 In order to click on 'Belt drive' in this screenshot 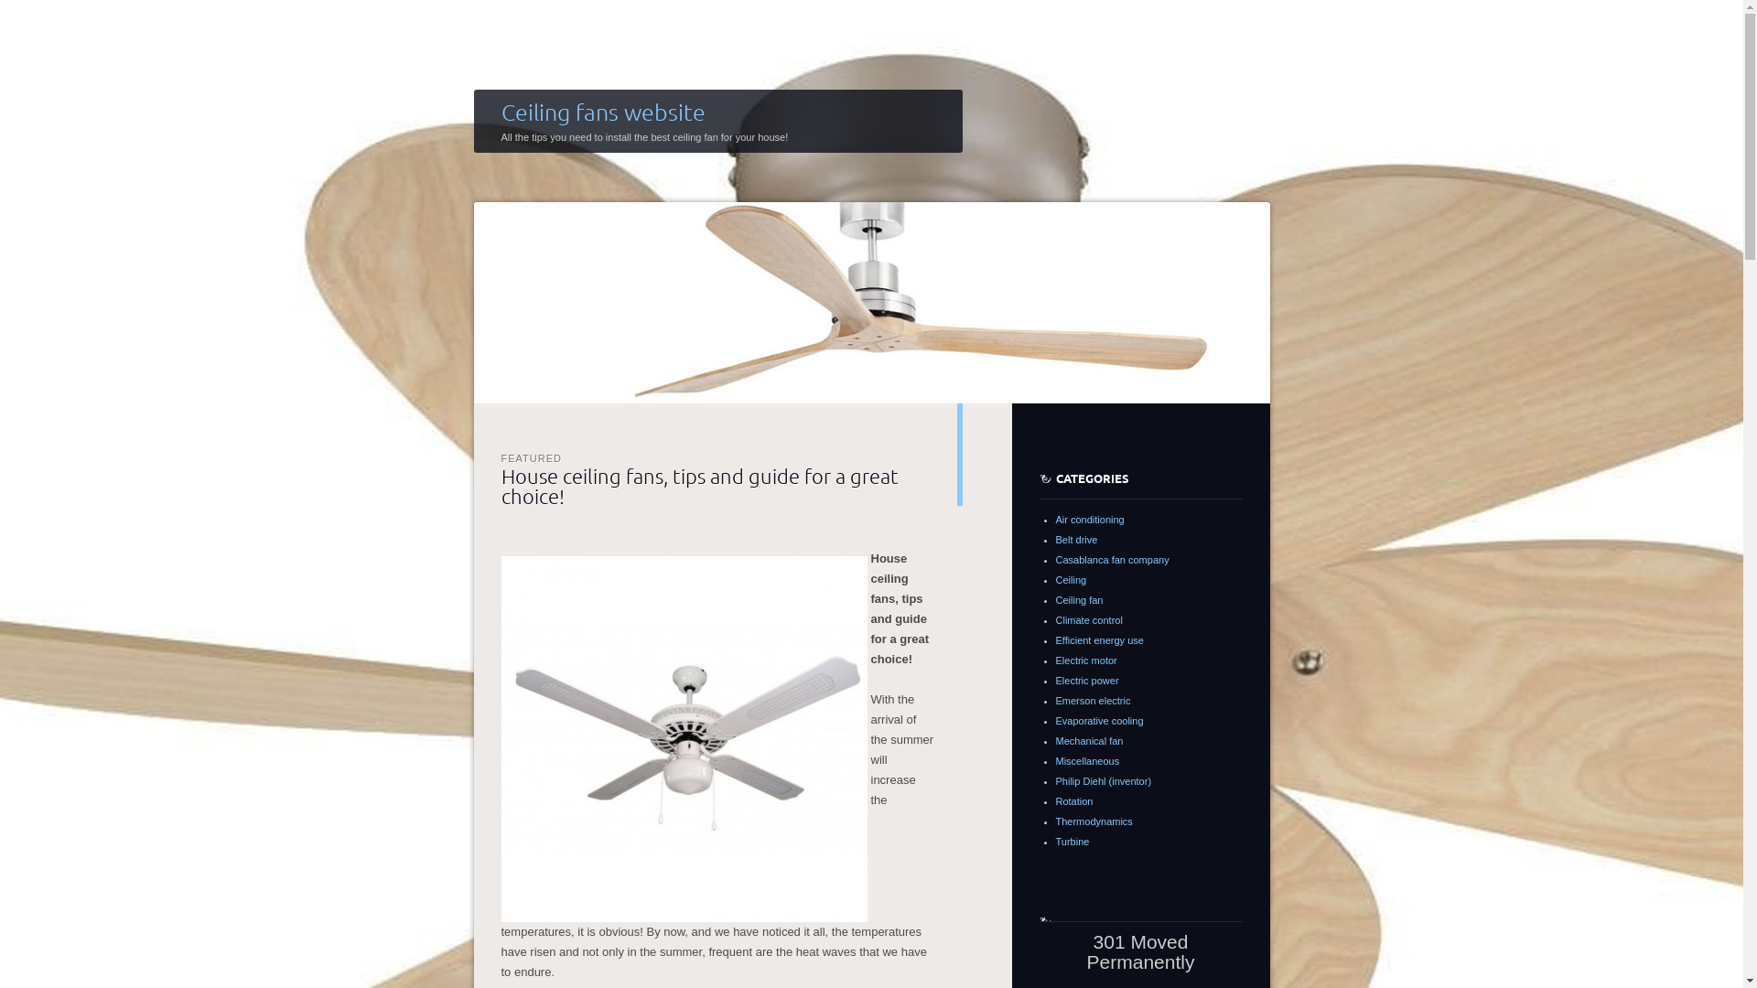, I will do `click(1076, 539)`.